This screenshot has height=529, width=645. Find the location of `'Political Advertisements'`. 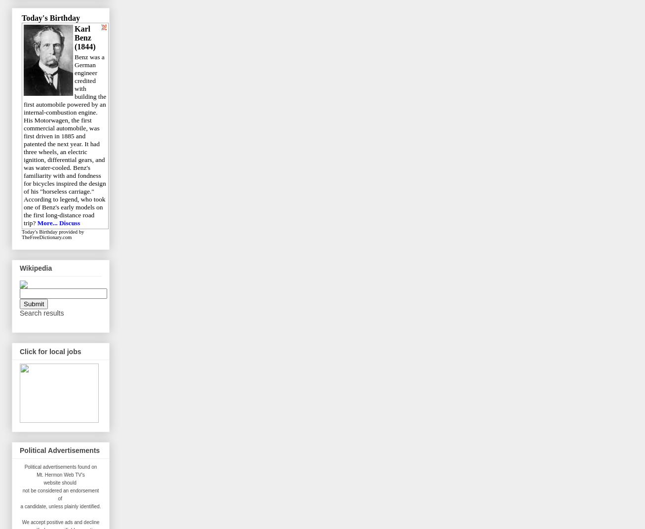

'Political Advertisements' is located at coordinates (59, 450).